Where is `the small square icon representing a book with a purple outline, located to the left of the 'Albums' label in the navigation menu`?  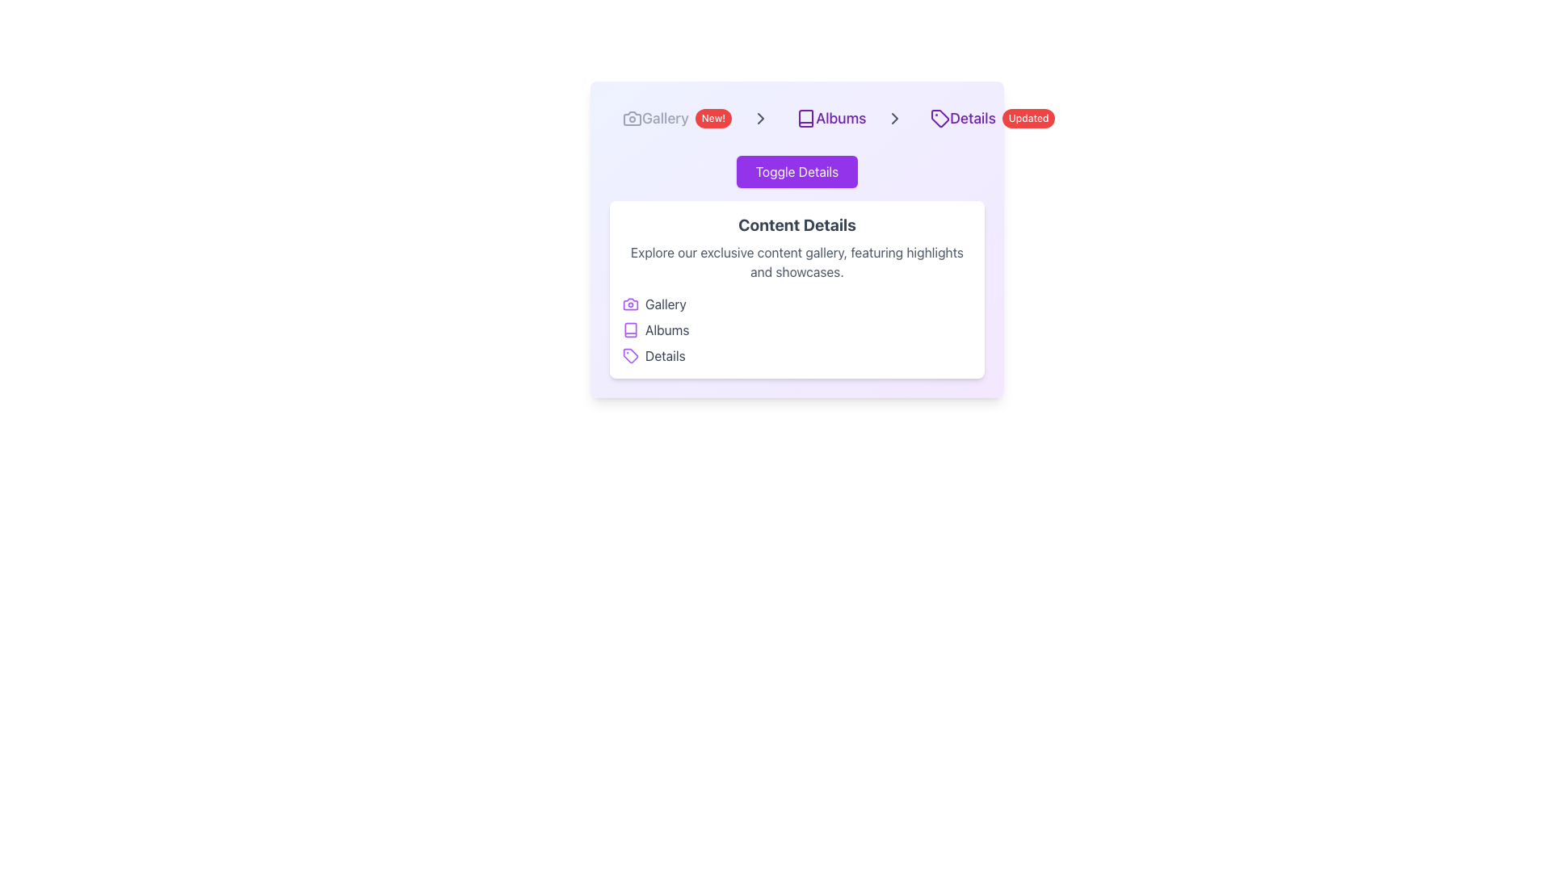 the small square icon representing a book with a purple outline, located to the left of the 'Albums' label in the navigation menu is located at coordinates (630, 329).